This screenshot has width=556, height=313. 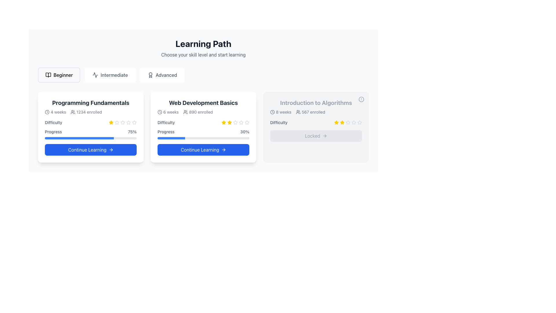 I want to click on the decorative icon that visually distinguishes the 'Advanced' section in the interface, located to the right of the 'Intermediate' section and above the main content, so click(x=150, y=74).